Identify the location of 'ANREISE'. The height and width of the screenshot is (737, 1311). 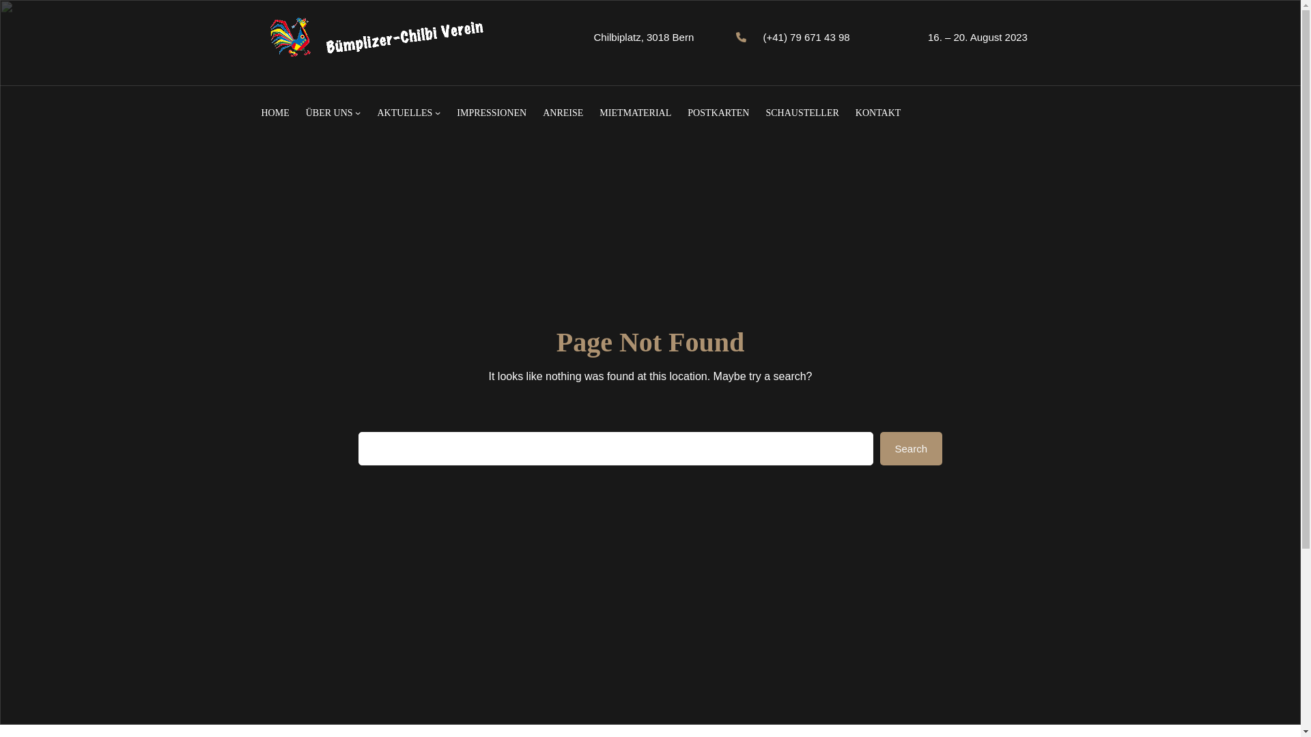
(542, 112).